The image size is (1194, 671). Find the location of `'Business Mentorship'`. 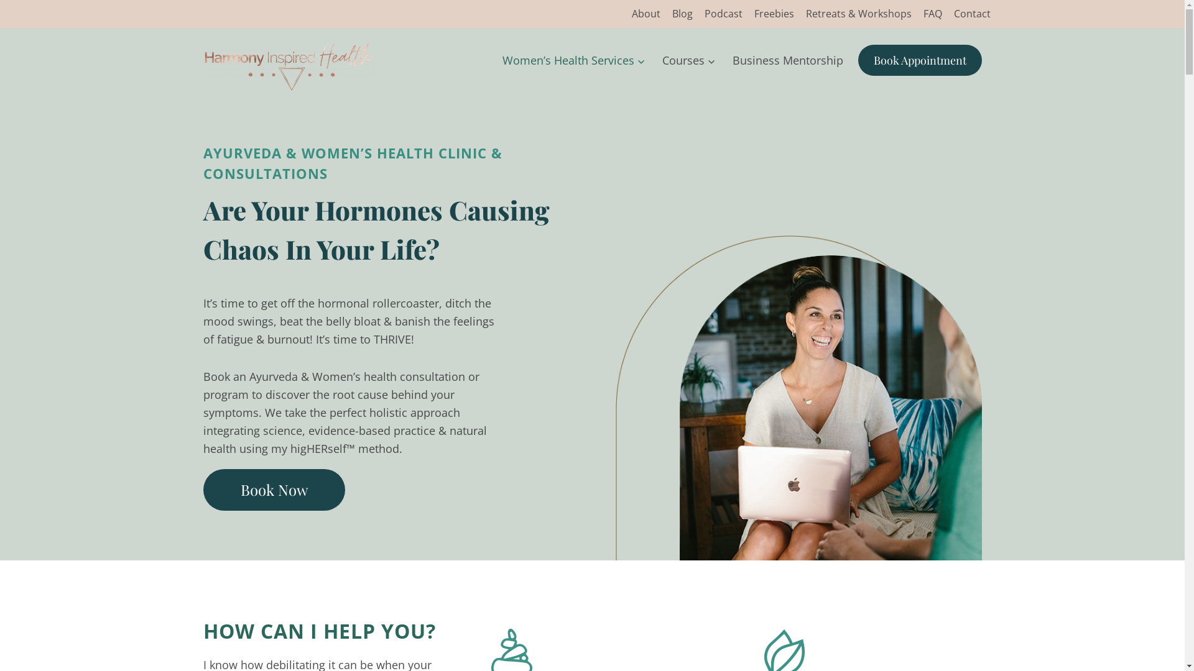

'Business Mentorship' is located at coordinates (787, 60).